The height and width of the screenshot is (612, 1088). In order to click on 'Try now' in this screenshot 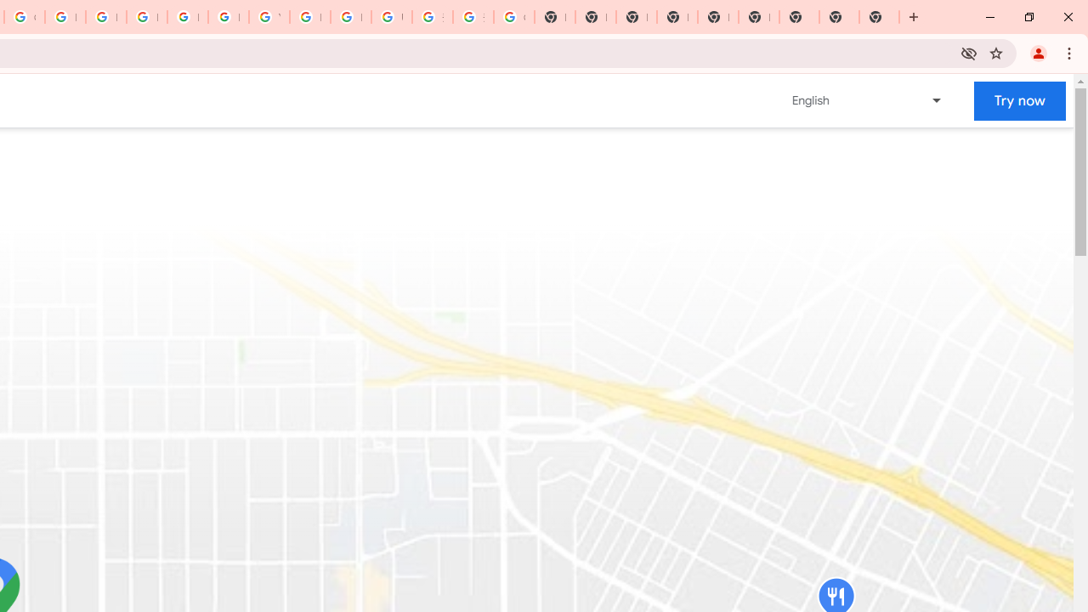, I will do `click(1020, 100)`.